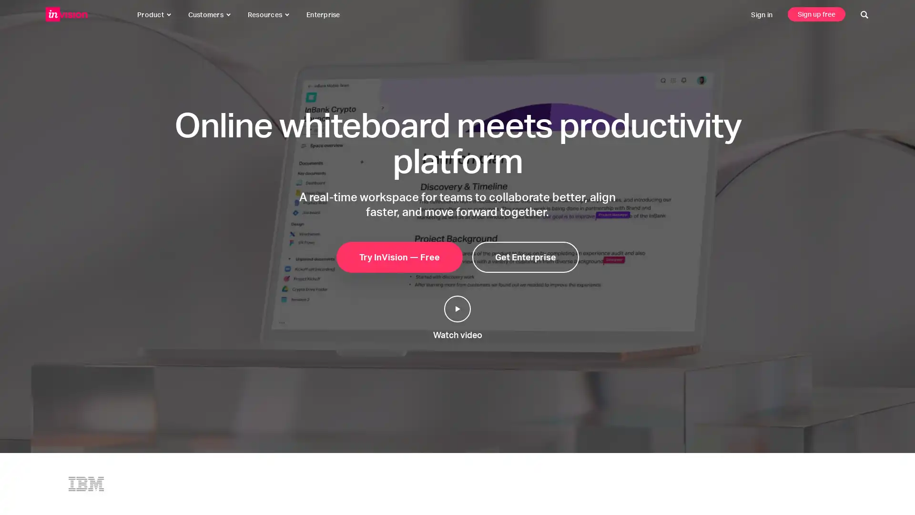 The height and width of the screenshot is (515, 915). What do you see at coordinates (863, 464) in the screenshot?
I see `click to close this message` at bounding box center [863, 464].